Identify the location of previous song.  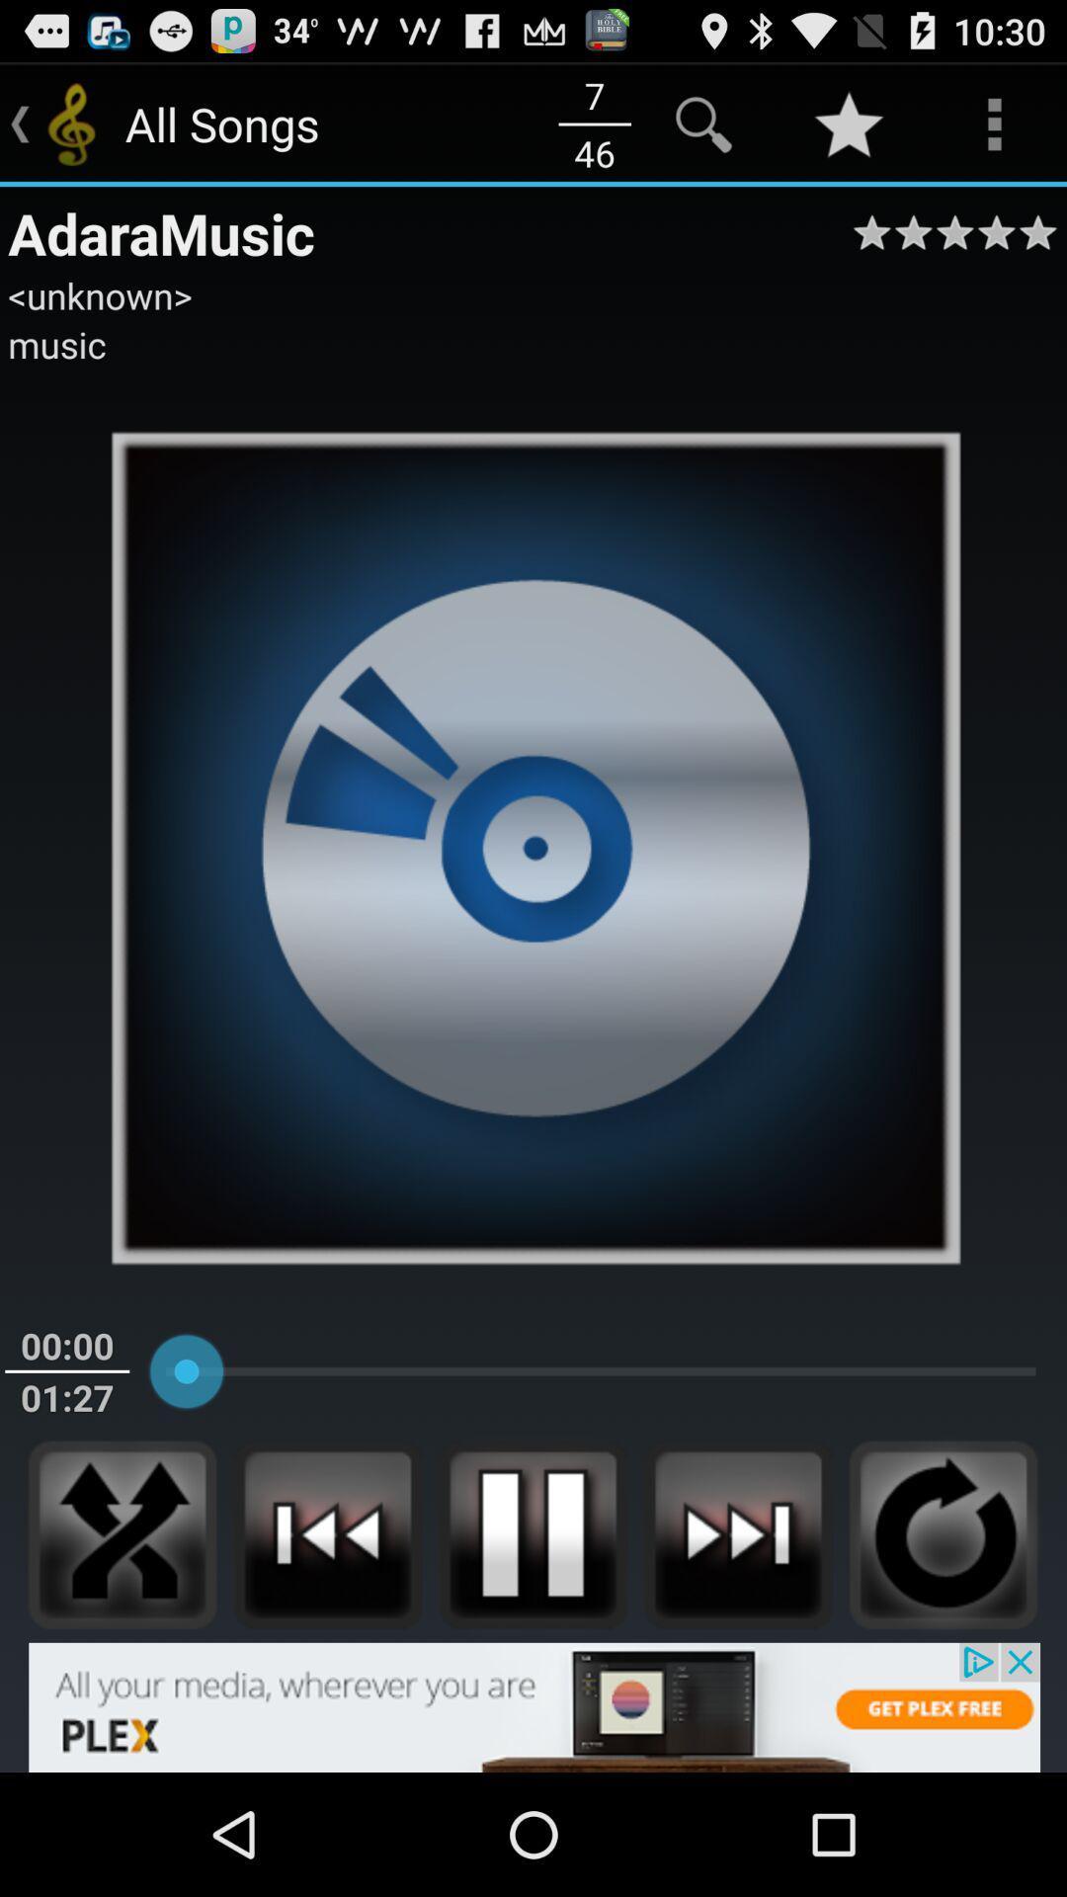
(326, 1533).